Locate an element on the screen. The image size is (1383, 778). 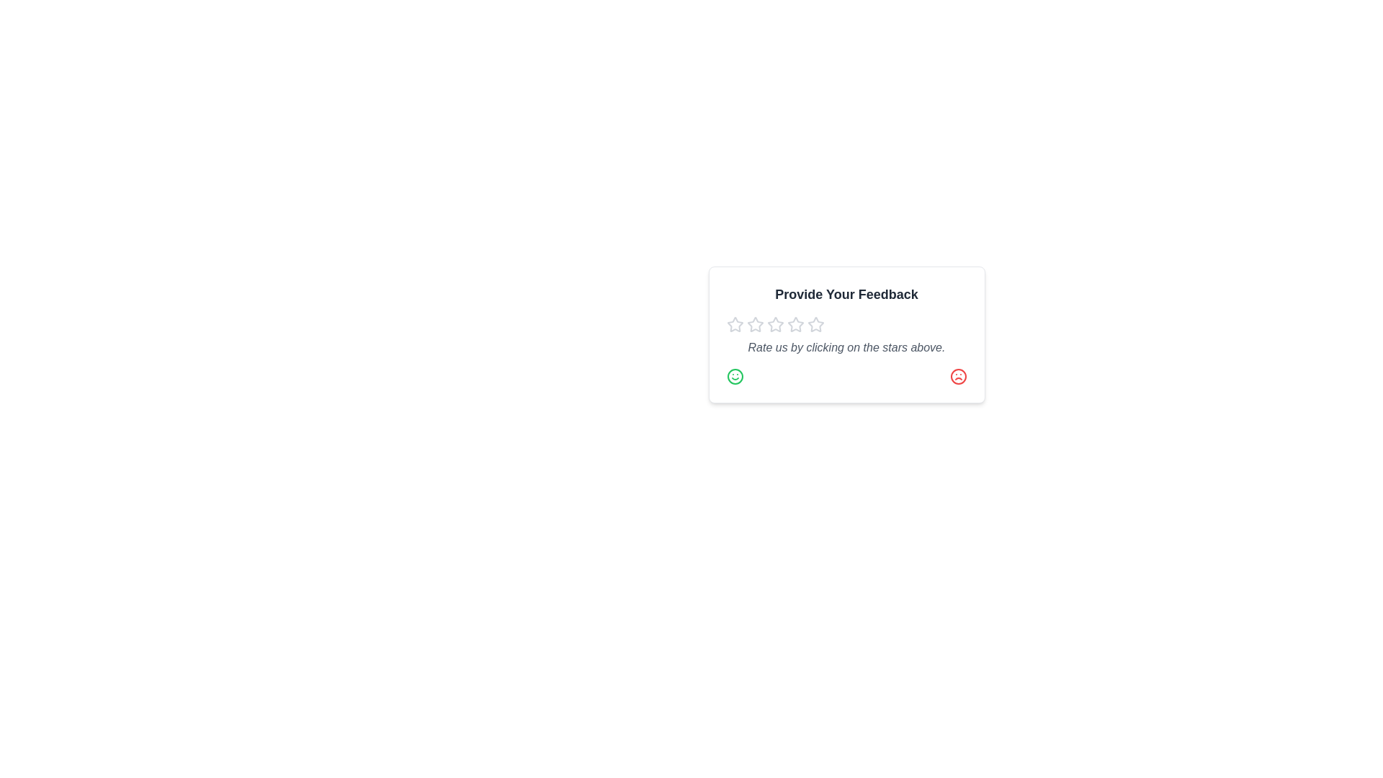
the fourth star icon is located at coordinates (774, 325).